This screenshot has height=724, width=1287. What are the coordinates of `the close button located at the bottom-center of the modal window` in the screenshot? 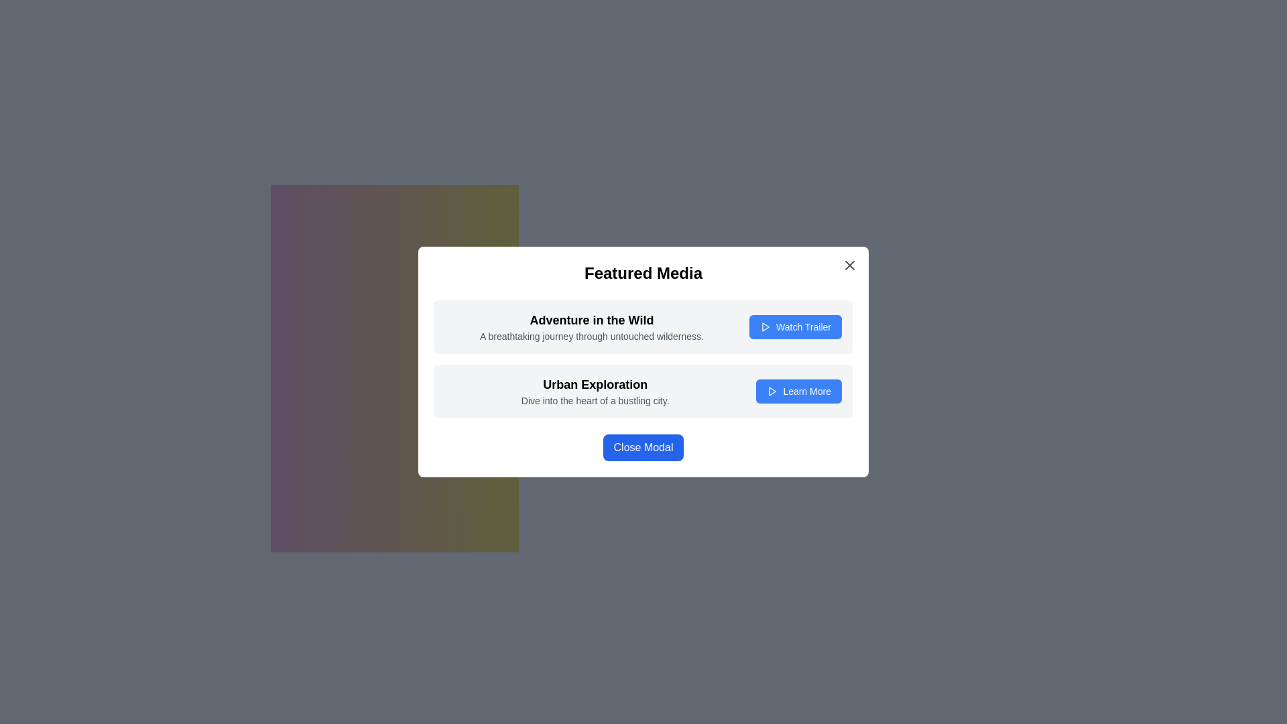 It's located at (643, 447).